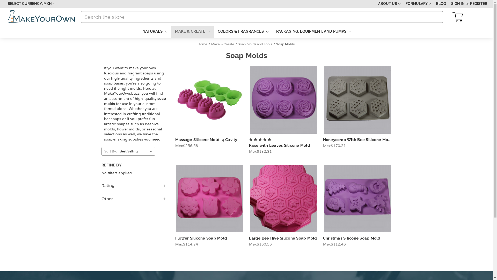  What do you see at coordinates (255, 44) in the screenshot?
I see `'Soap Molds and Tools'` at bounding box center [255, 44].